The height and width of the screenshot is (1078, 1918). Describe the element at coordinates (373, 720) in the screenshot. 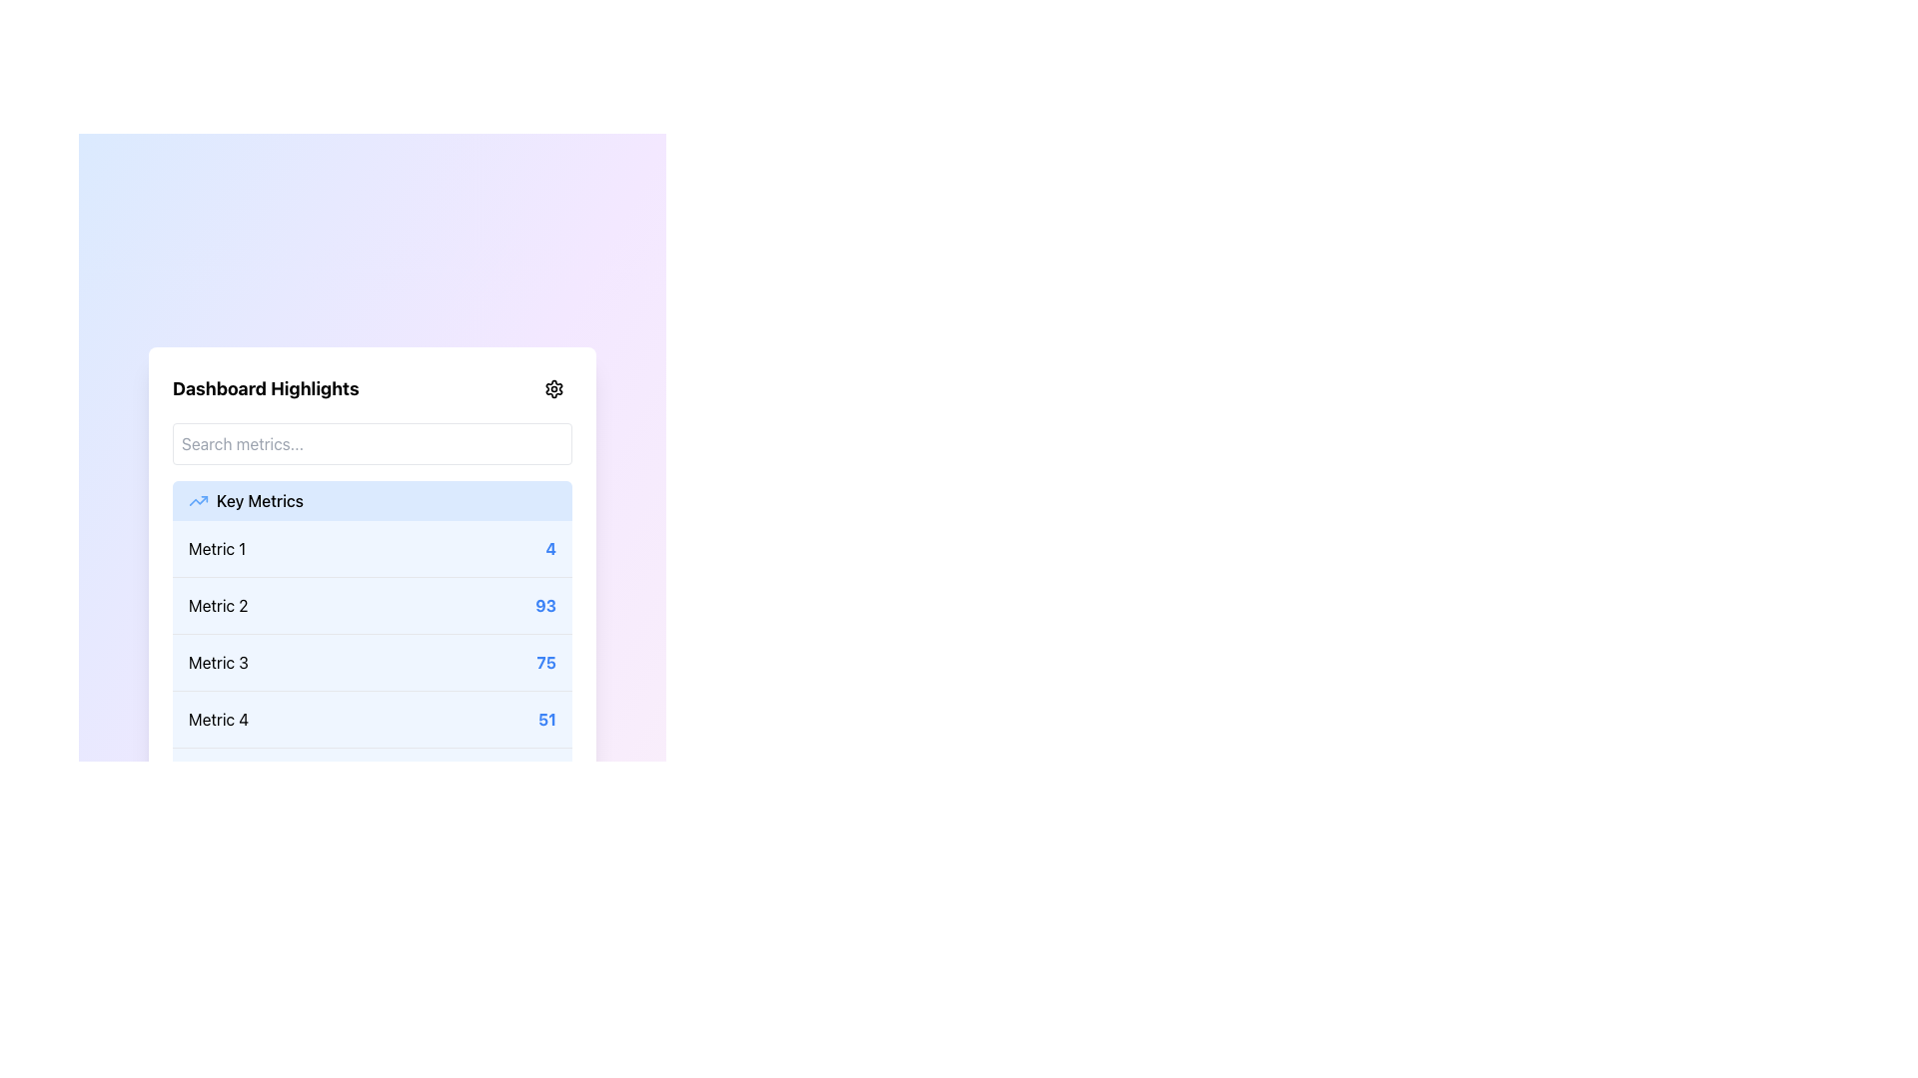

I see `the text-based list item displaying a metric label and value` at that location.